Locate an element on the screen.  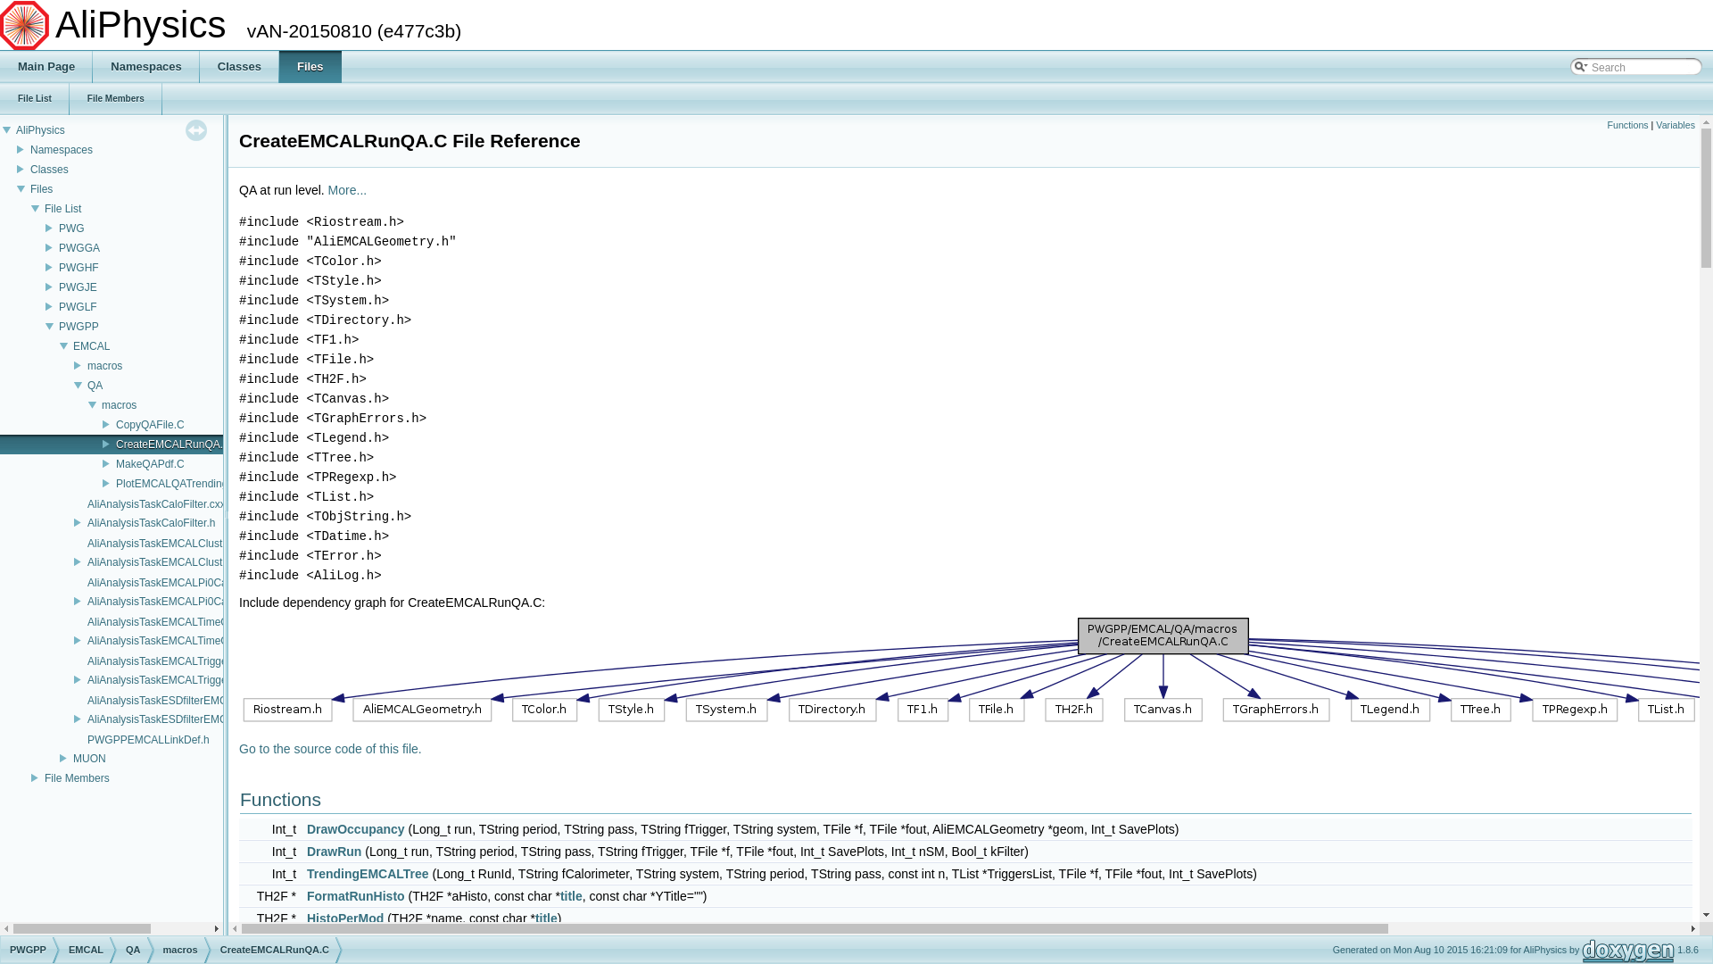
'AliAnalysisTaskCaloFilter.cxx' is located at coordinates (85, 503).